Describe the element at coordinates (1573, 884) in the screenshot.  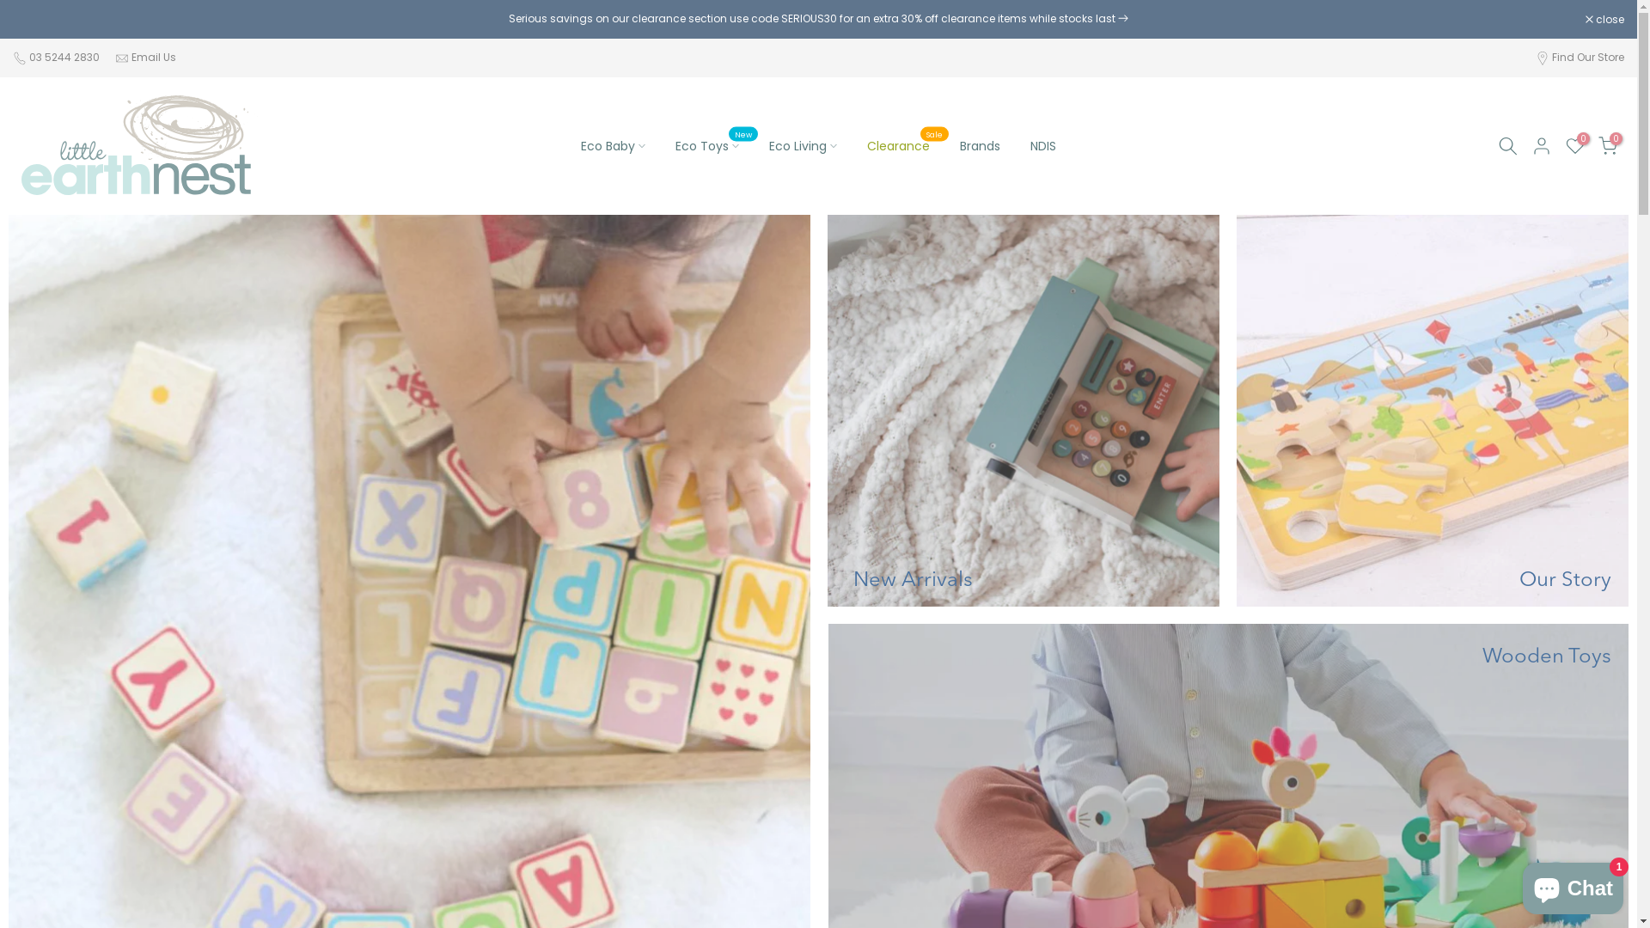
I see `'Shopify online store chat'` at that location.